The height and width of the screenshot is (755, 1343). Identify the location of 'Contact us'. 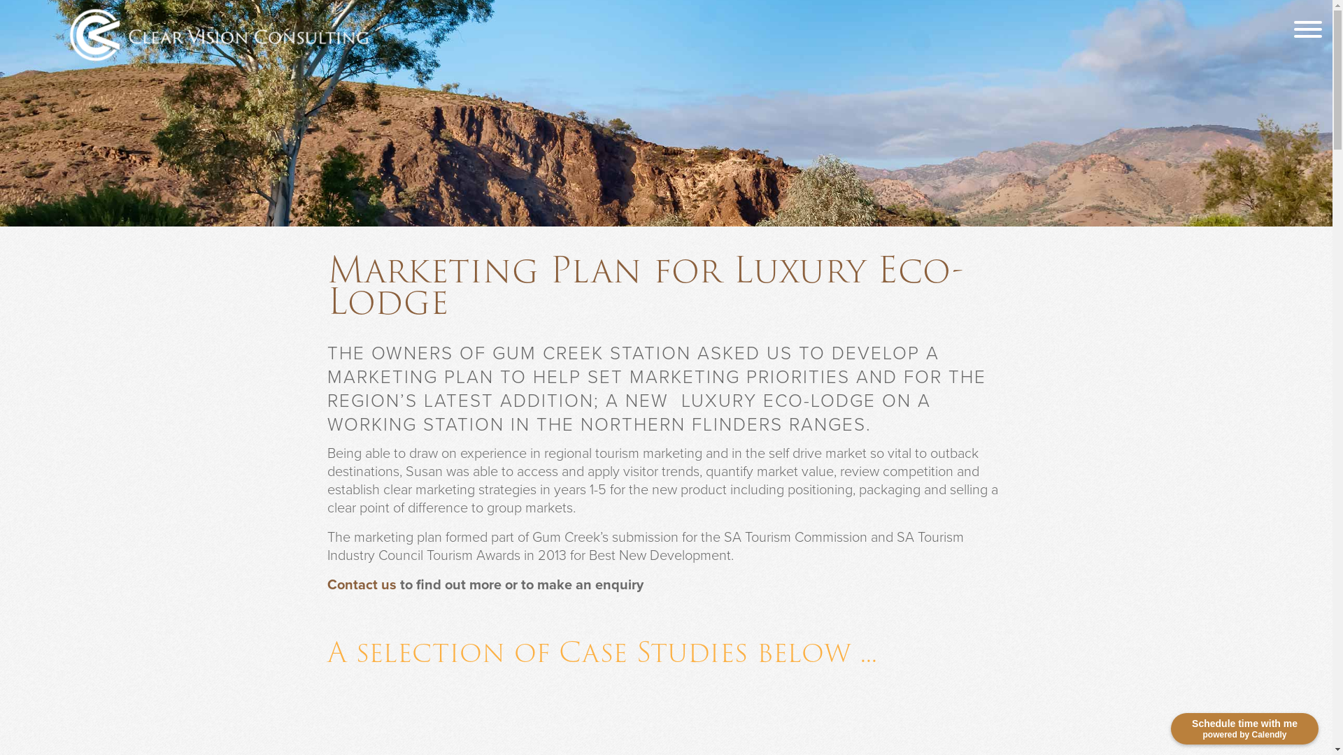
(362, 584).